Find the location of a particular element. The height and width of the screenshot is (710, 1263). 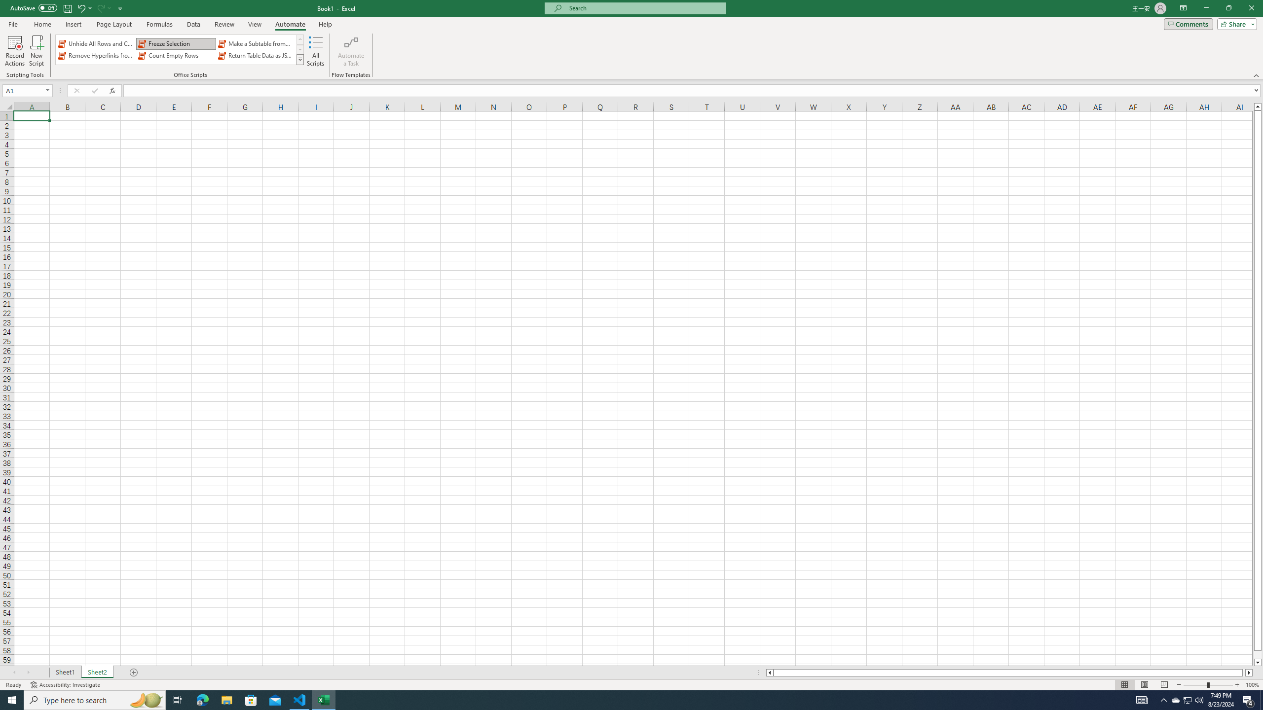

'Zoom Out' is located at coordinates (1195, 685).